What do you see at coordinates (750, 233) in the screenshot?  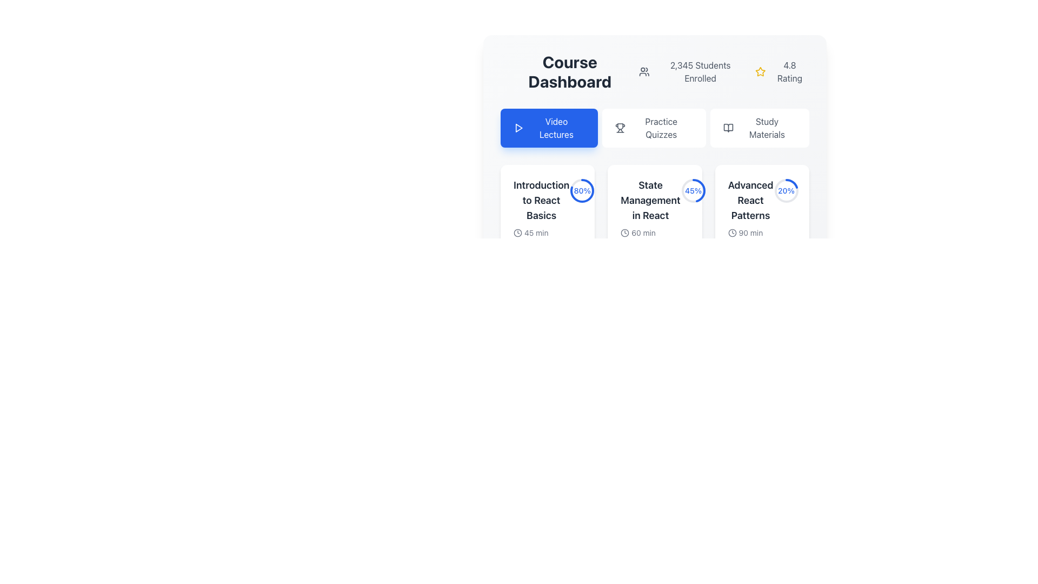 I see `the label indicating the duration of the course 'Advanced React Patterns', which is positioned below the title and above the '756 enrolled' text` at bounding box center [750, 233].